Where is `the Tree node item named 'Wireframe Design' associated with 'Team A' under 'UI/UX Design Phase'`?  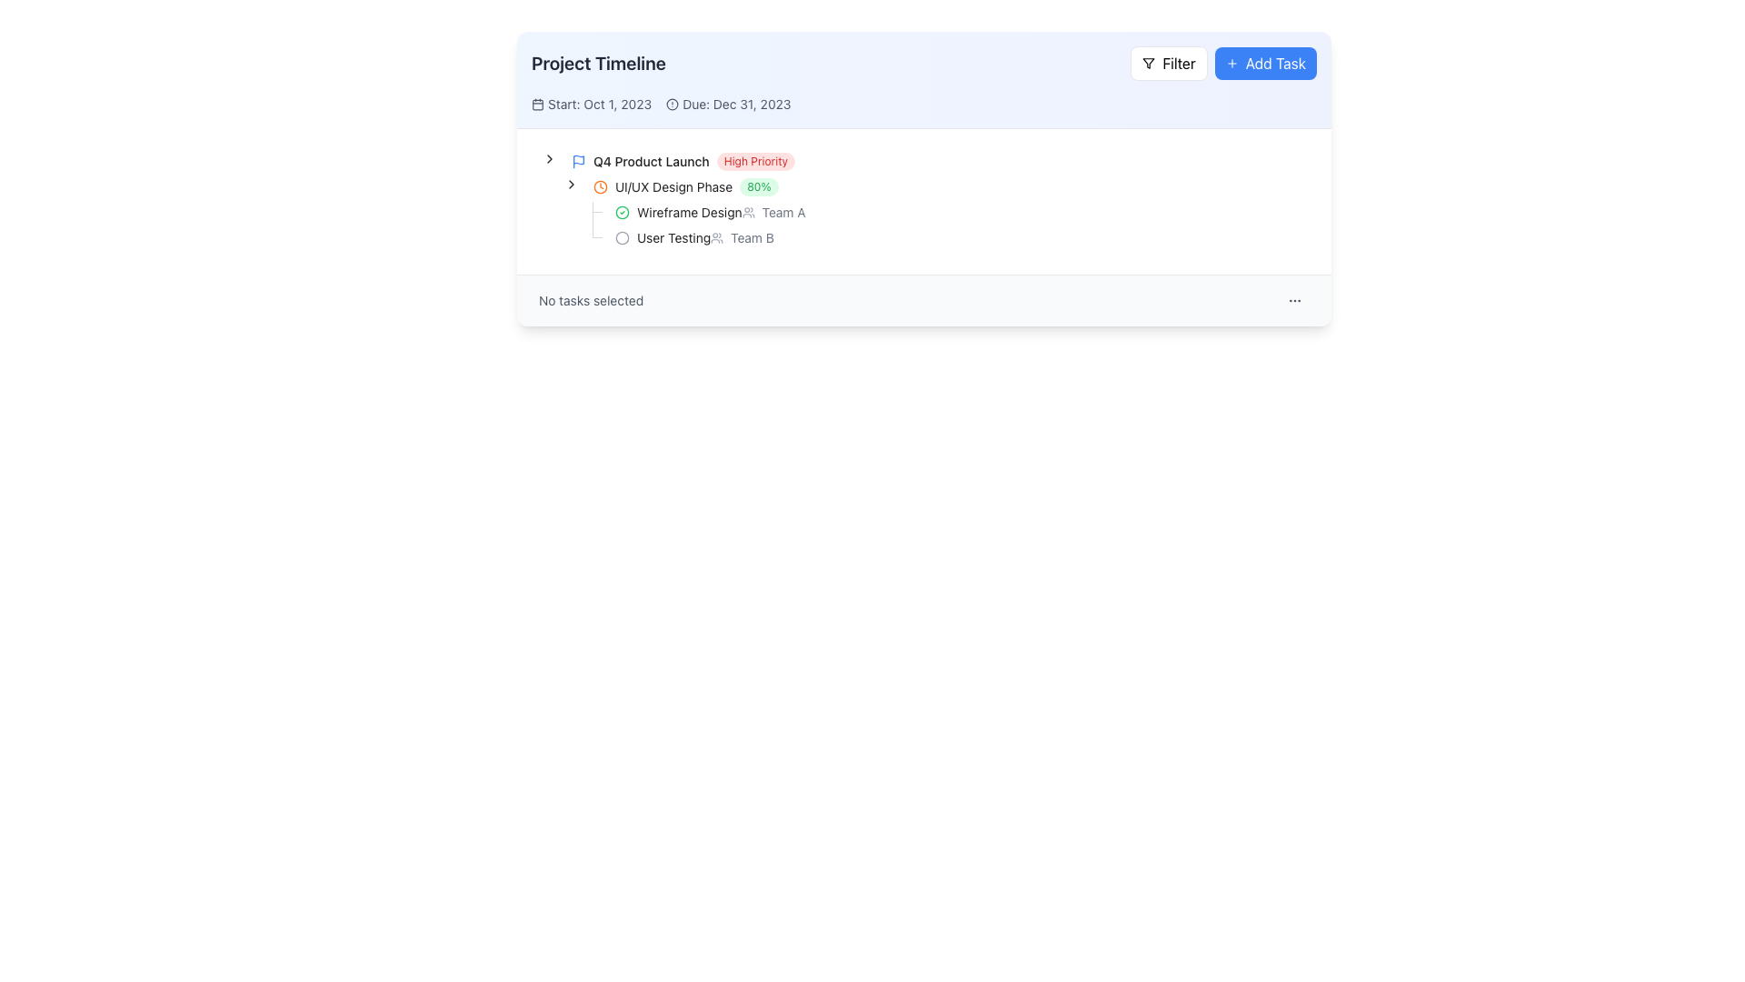
the Tree node item named 'Wireframe Design' associated with 'Team A' under 'UI/UX Design Phase' is located at coordinates (716, 212).